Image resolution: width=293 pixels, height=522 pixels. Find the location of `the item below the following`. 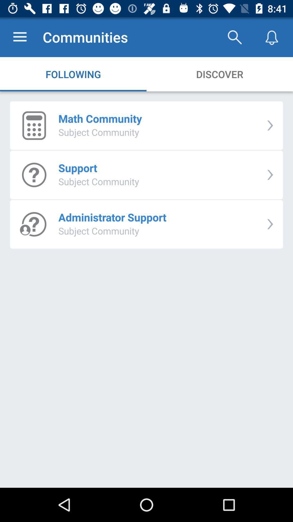

the item below the following is located at coordinates (100, 118).